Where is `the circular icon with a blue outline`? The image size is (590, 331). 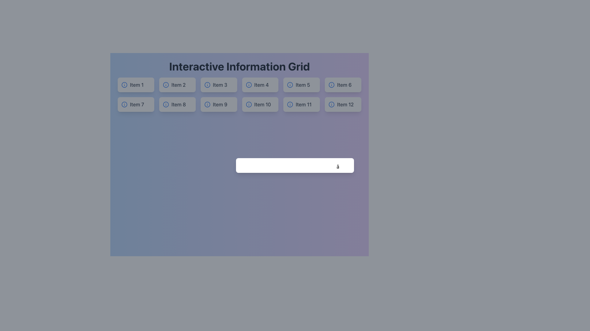 the circular icon with a blue outline is located at coordinates (290, 104).